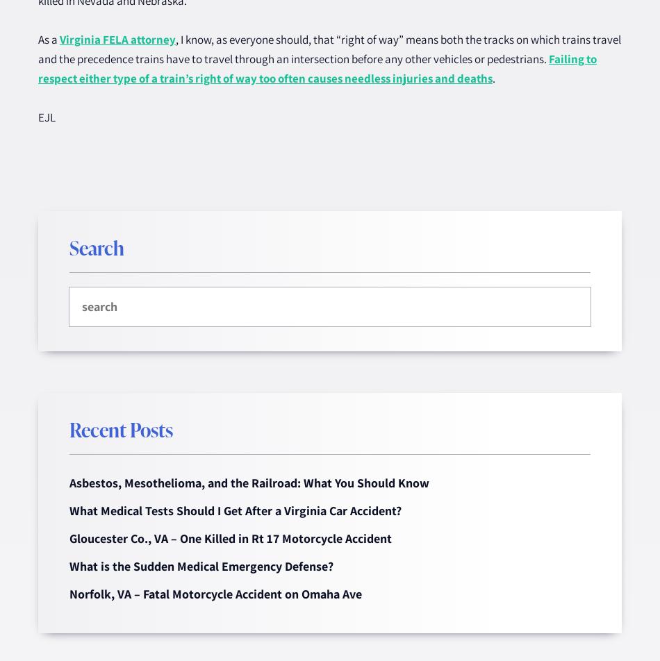  What do you see at coordinates (59, 40) in the screenshot?
I see `'Virginia FELA attorney'` at bounding box center [59, 40].